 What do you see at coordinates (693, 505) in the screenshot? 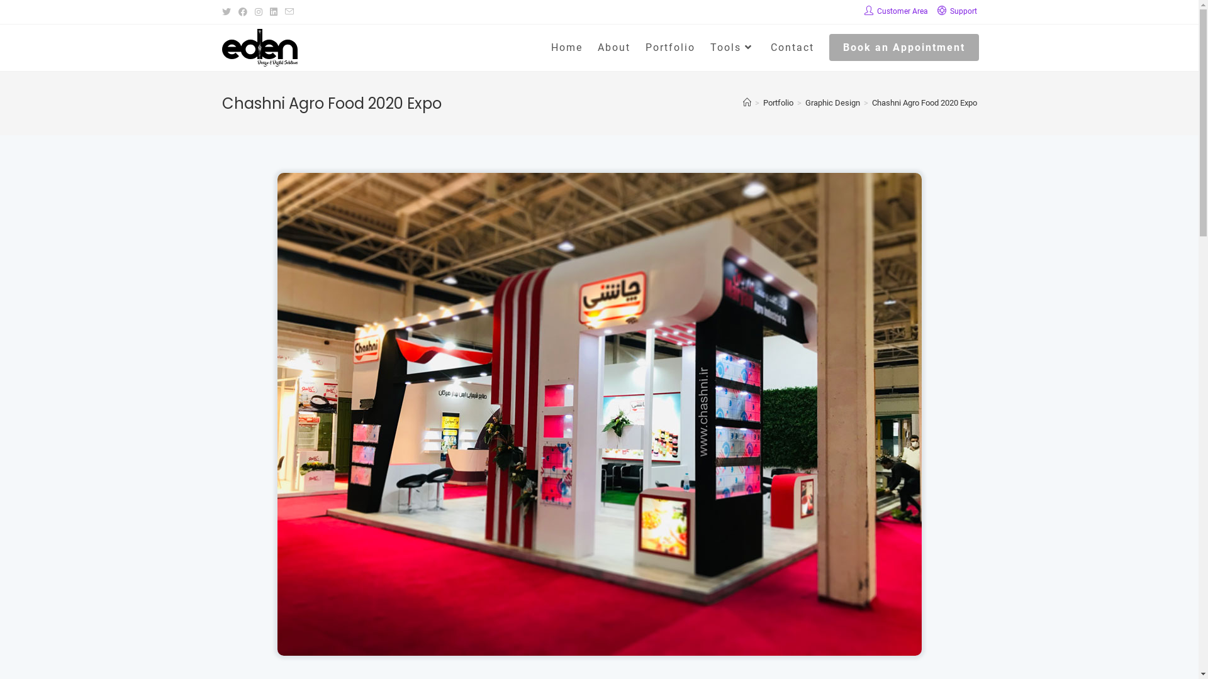
I see `'Landing Page Design'` at bounding box center [693, 505].